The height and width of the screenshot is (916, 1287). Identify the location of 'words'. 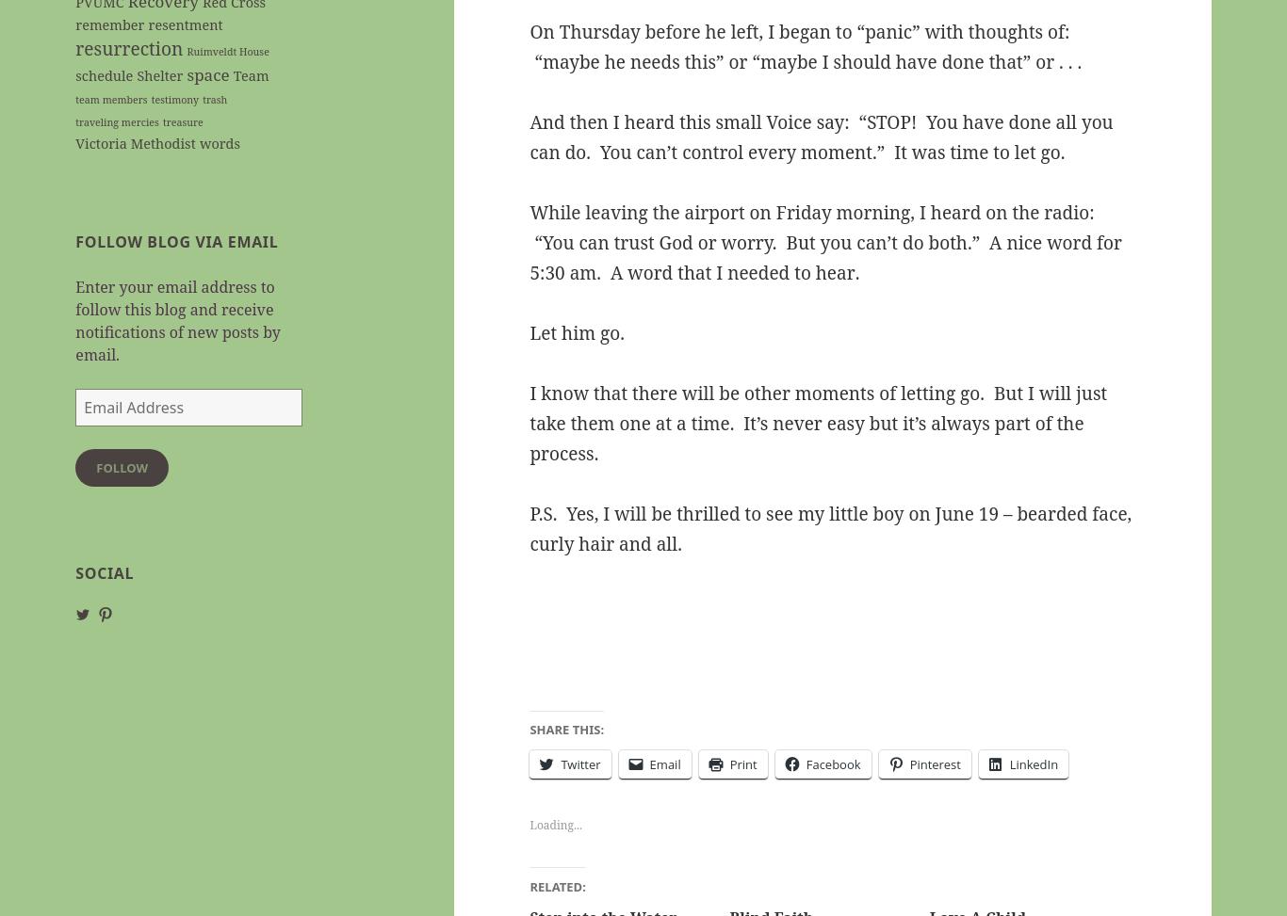
(198, 143).